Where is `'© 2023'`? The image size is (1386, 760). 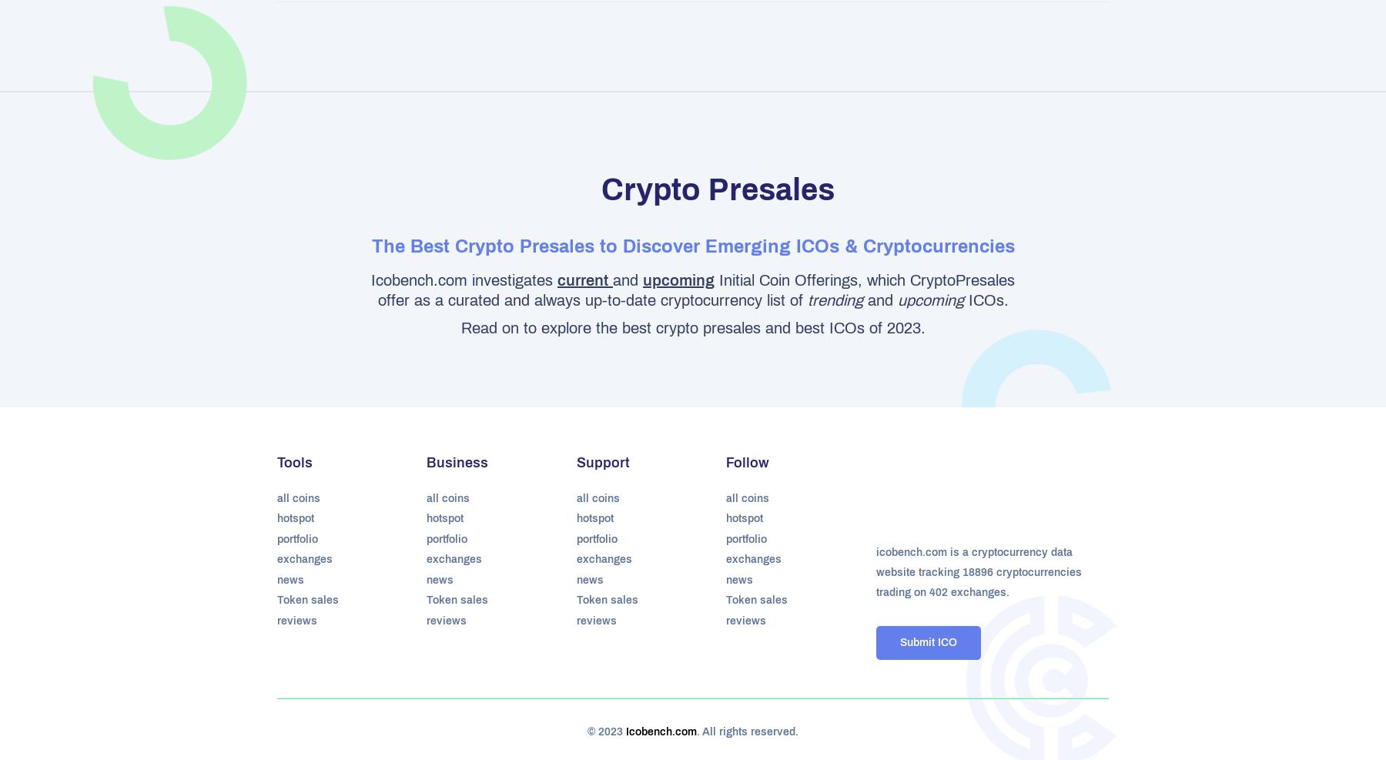 '© 2023' is located at coordinates (607, 732).